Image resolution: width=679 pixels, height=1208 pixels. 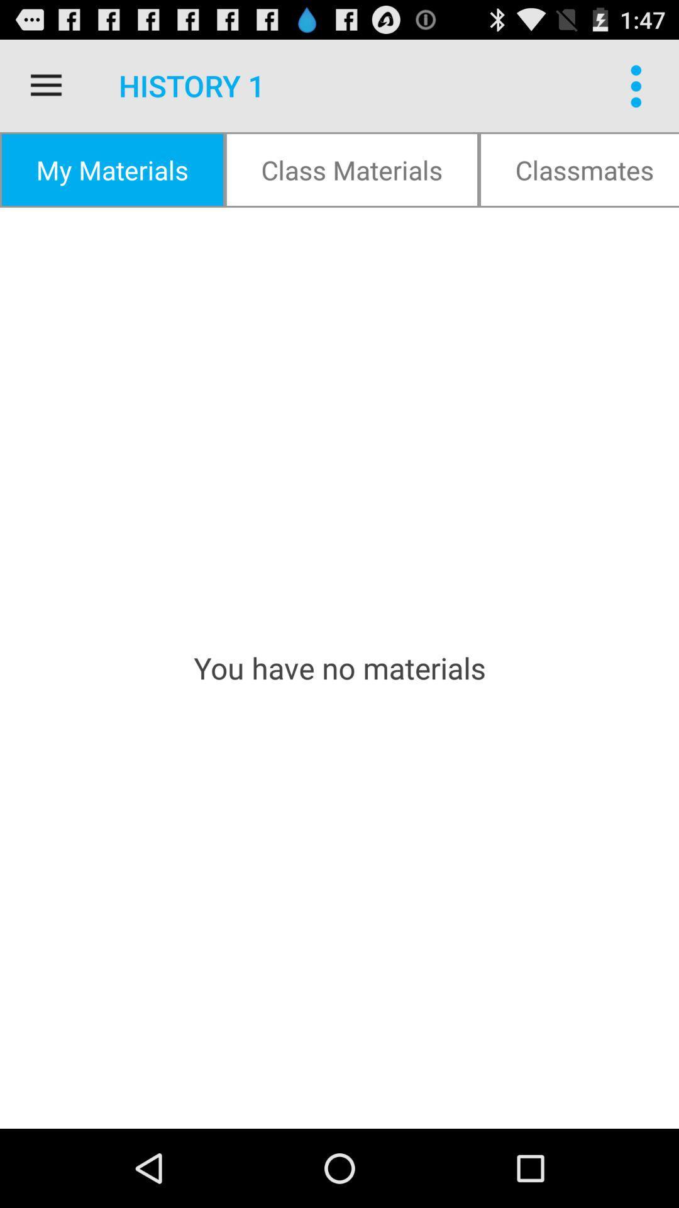 What do you see at coordinates (111, 169) in the screenshot?
I see `item above the you have no` at bounding box center [111, 169].